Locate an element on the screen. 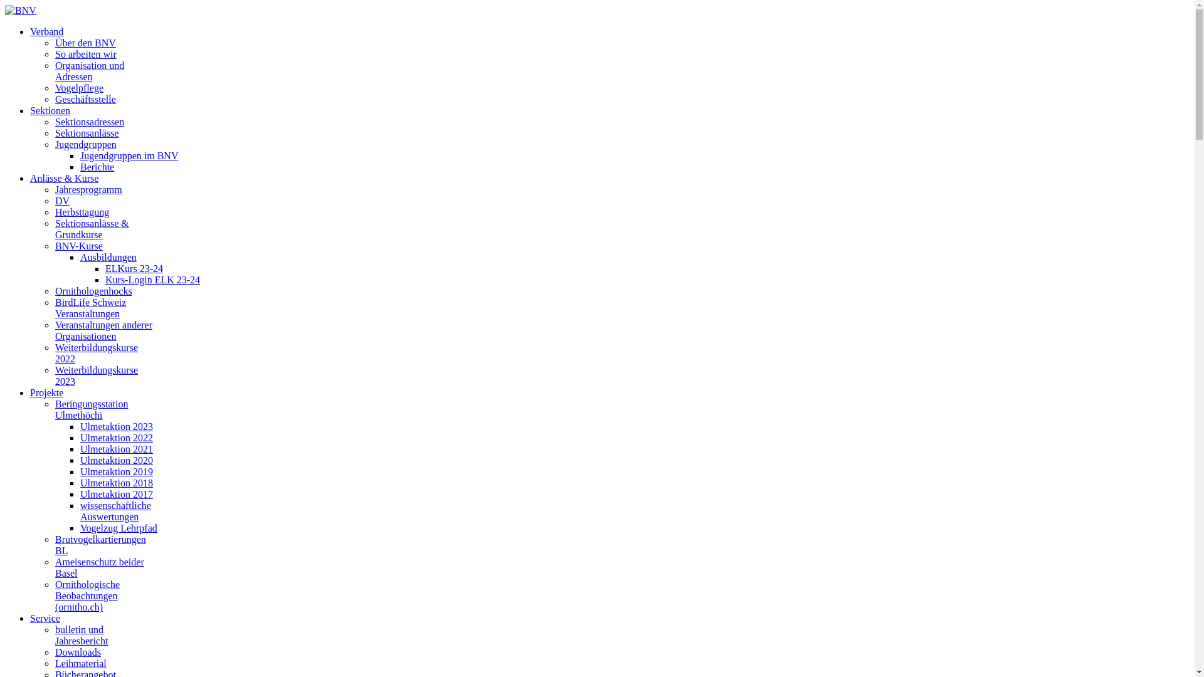  'ELKurs 23-24' is located at coordinates (134, 268).